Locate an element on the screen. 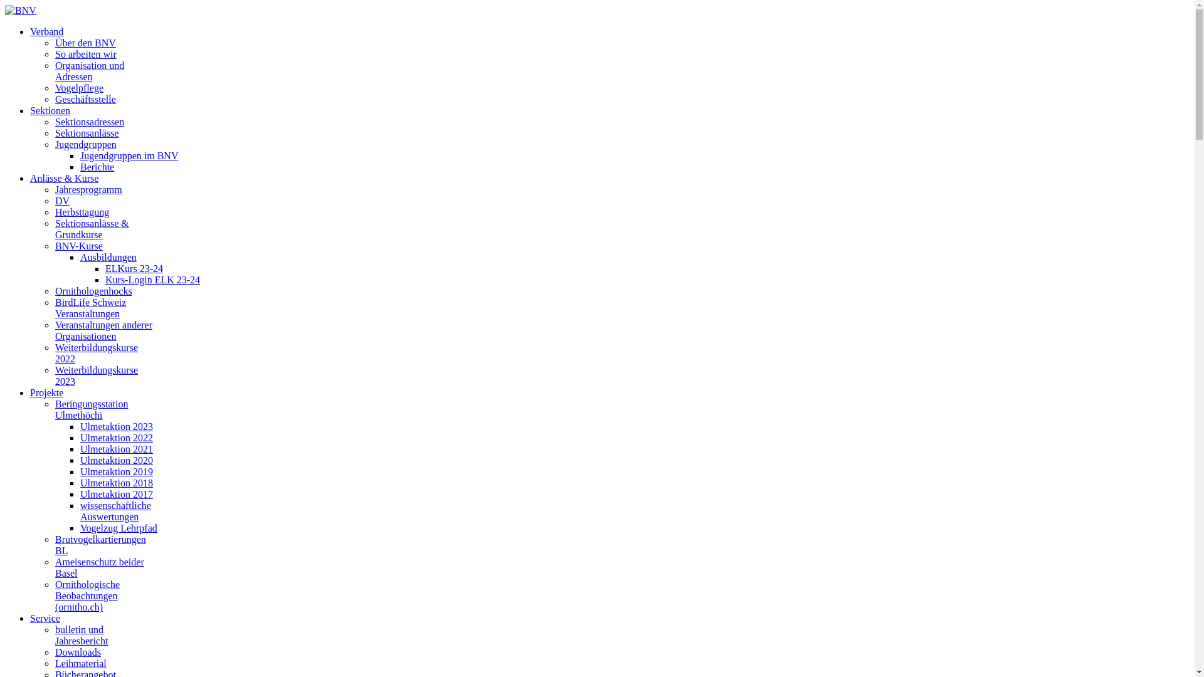  'ELKurs 23-24' is located at coordinates (134, 268).